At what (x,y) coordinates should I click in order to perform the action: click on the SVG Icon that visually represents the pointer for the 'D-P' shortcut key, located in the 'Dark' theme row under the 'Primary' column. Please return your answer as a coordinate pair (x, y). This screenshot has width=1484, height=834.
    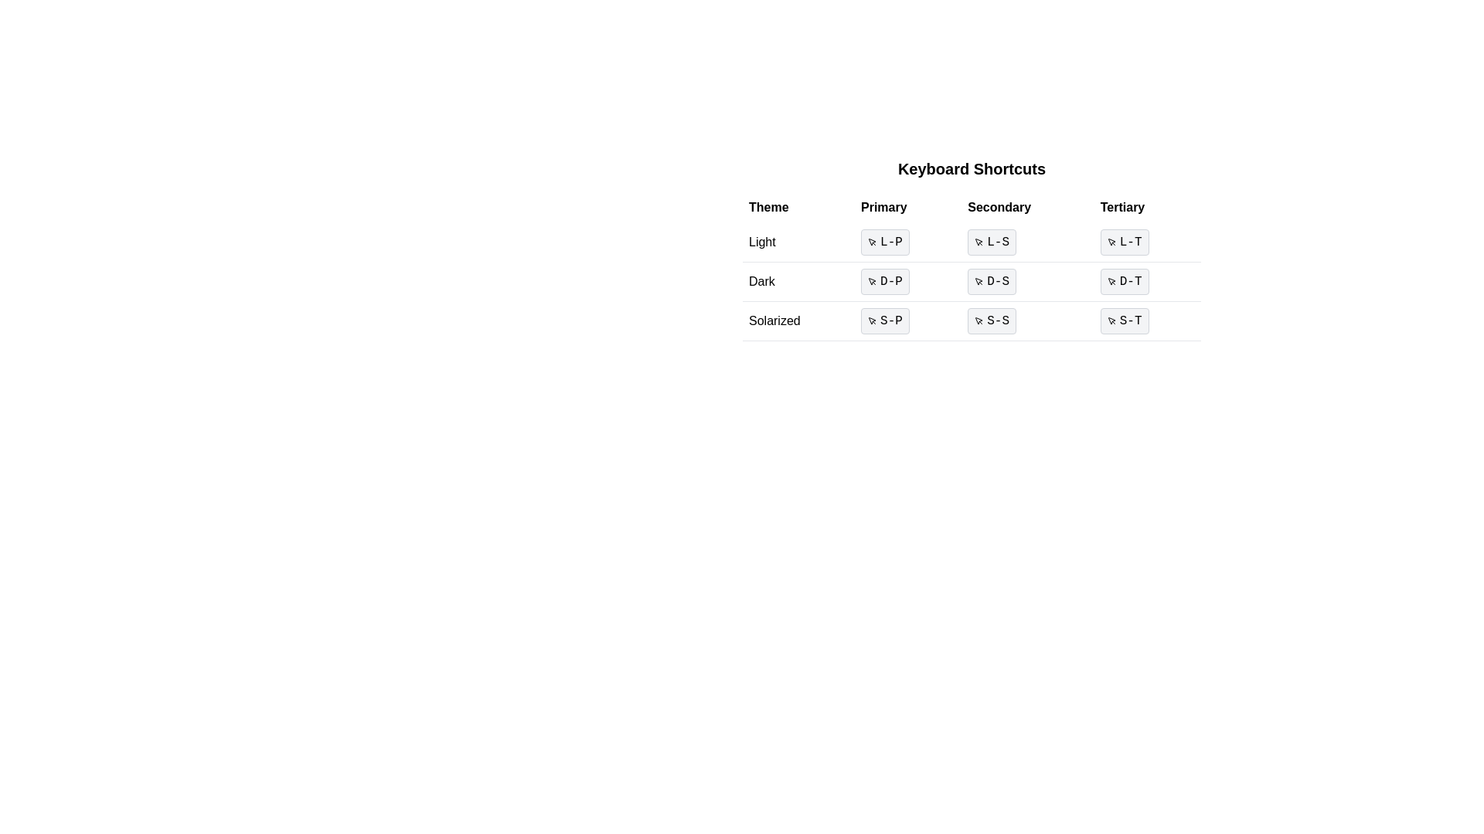
    Looking at the image, I should click on (872, 282).